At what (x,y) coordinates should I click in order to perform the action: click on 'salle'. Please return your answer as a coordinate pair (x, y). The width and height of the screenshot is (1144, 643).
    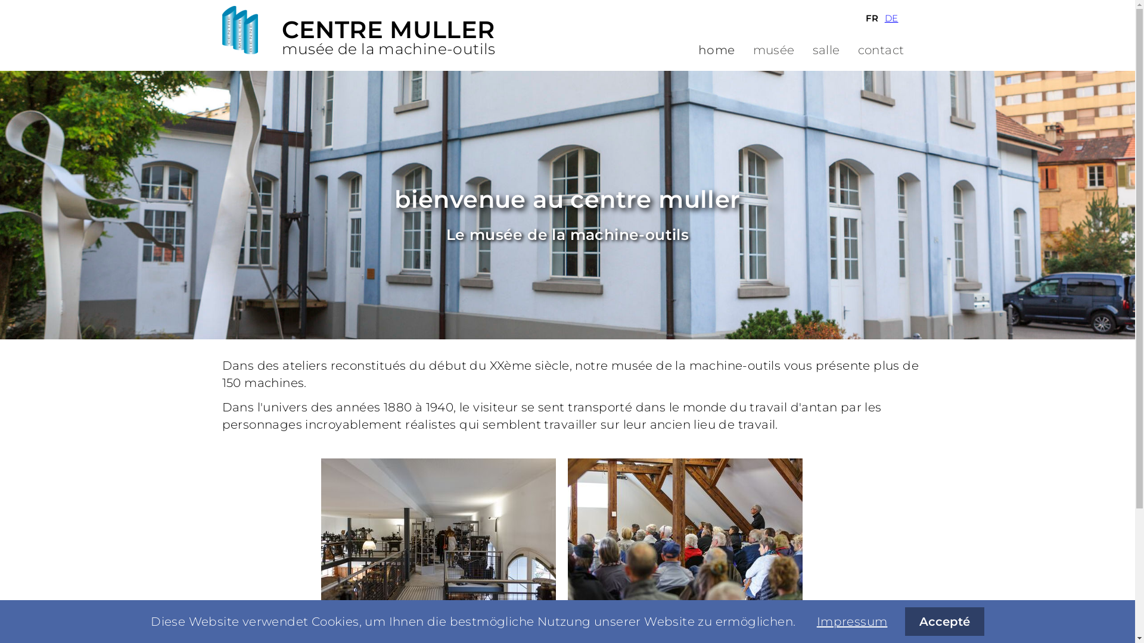
    Looking at the image, I should click on (826, 49).